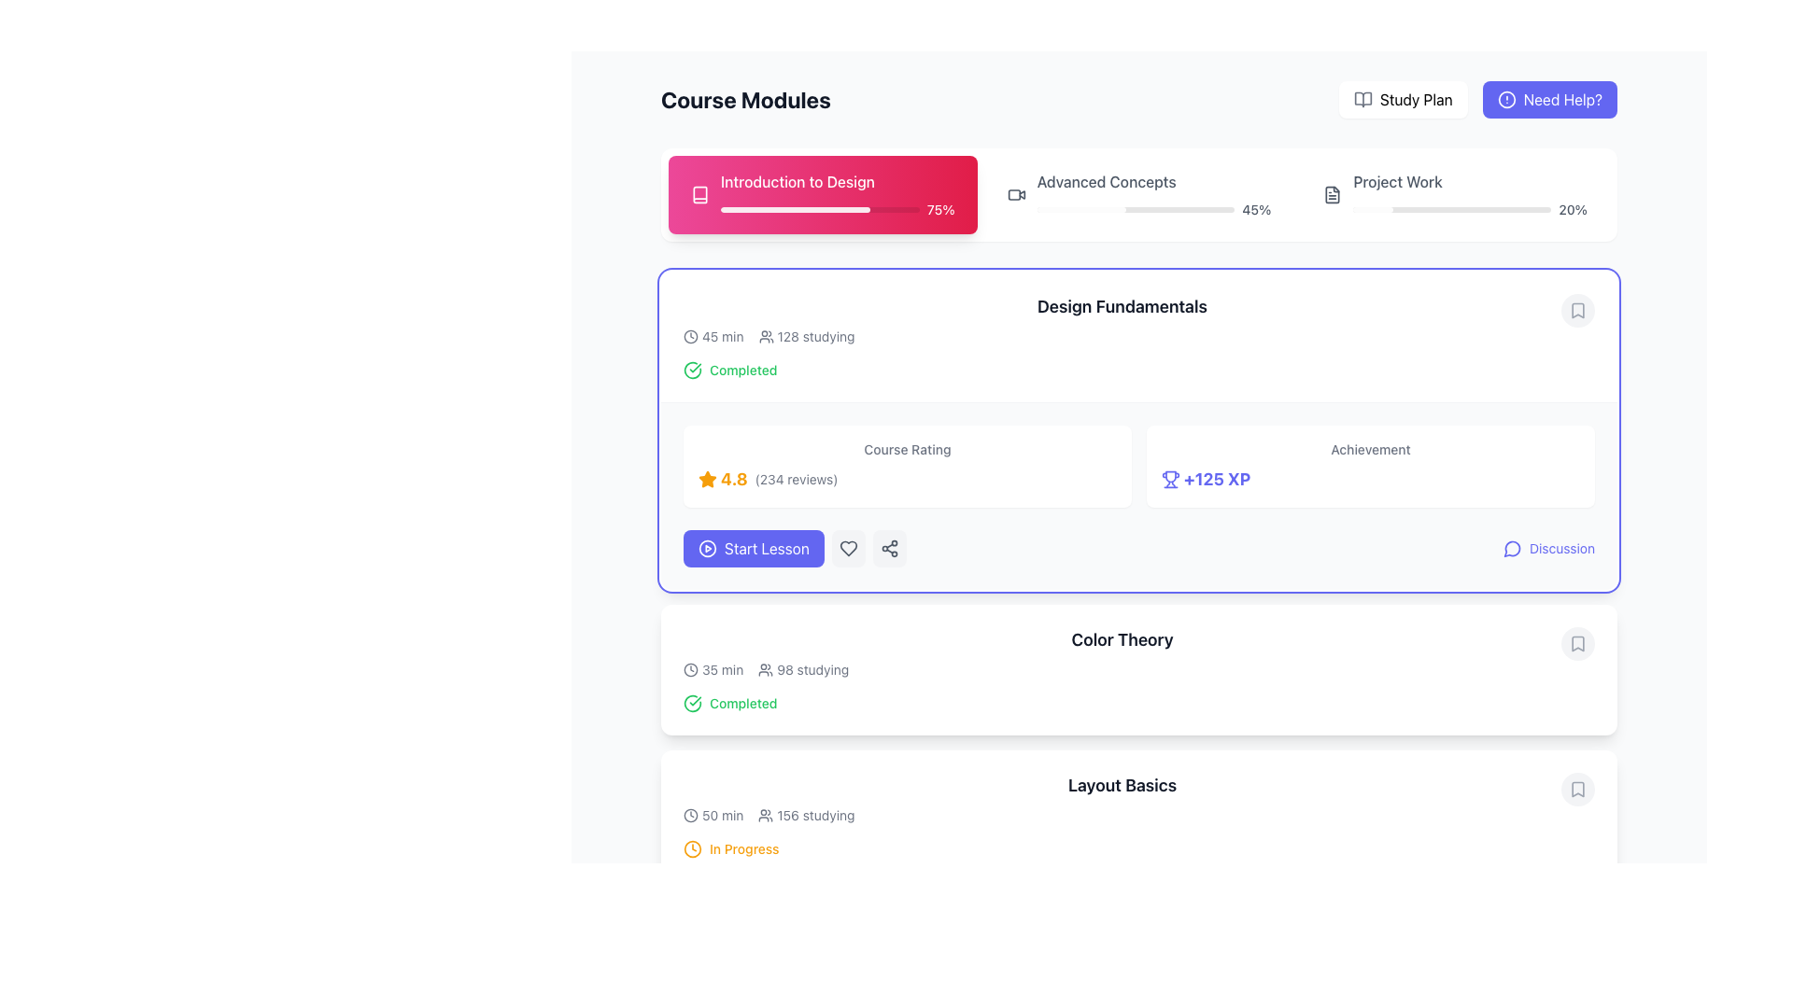 This screenshot has width=1793, height=1008. What do you see at coordinates (795, 547) in the screenshot?
I see `the 'Start Lesson' button with a purple background and white text located in the 'Design Fundamentals' section` at bounding box center [795, 547].